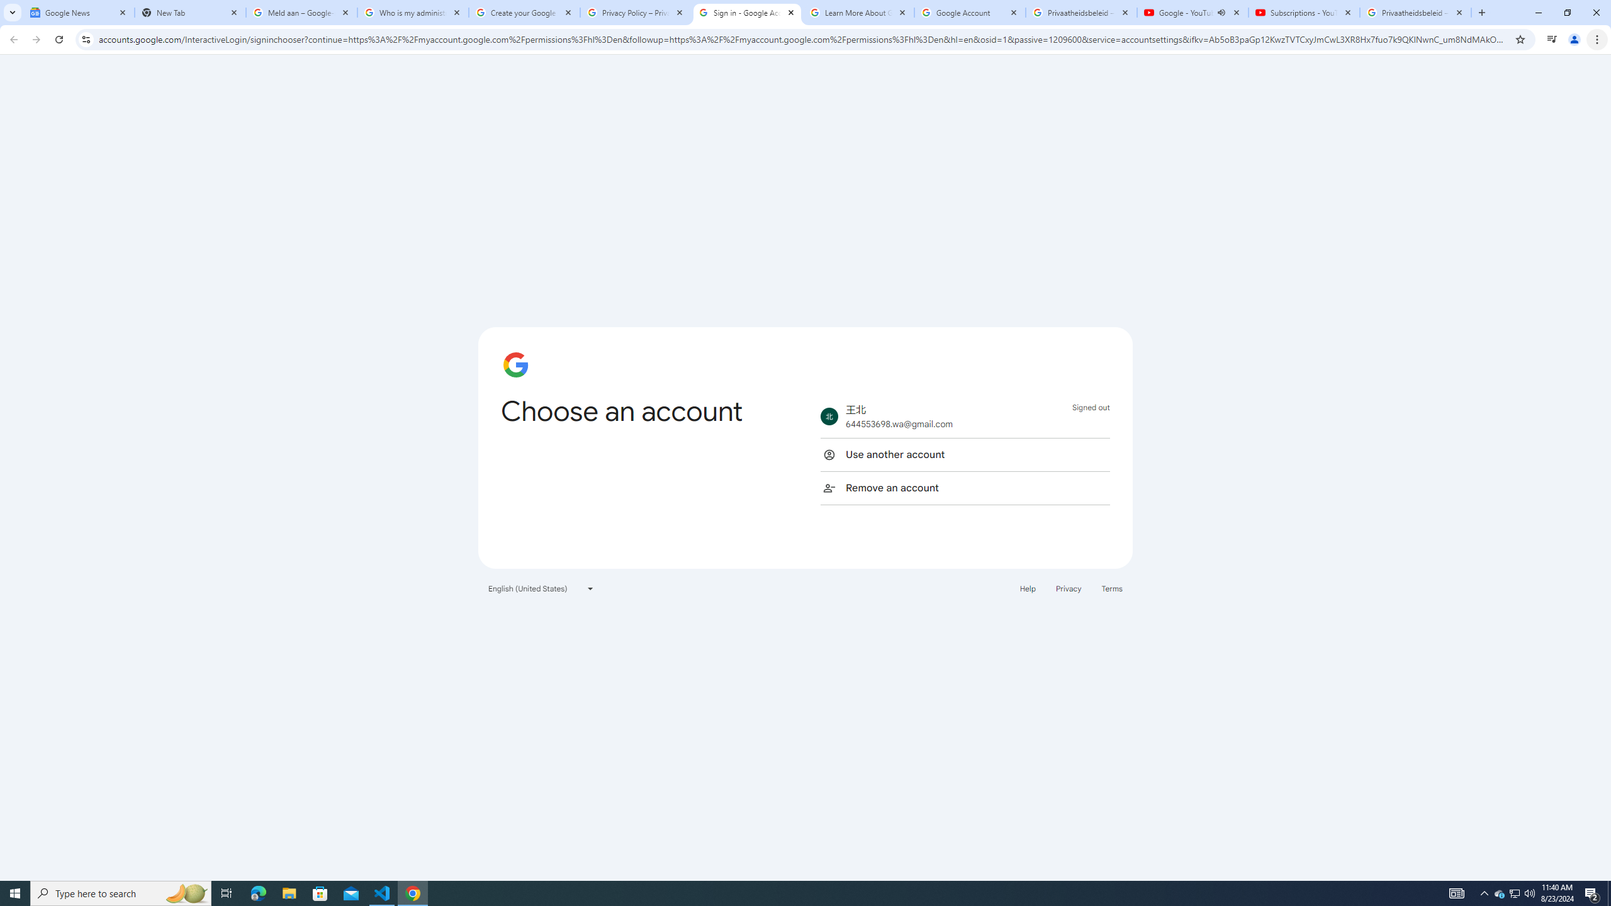  I want to click on 'Use another account', so click(964, 454).